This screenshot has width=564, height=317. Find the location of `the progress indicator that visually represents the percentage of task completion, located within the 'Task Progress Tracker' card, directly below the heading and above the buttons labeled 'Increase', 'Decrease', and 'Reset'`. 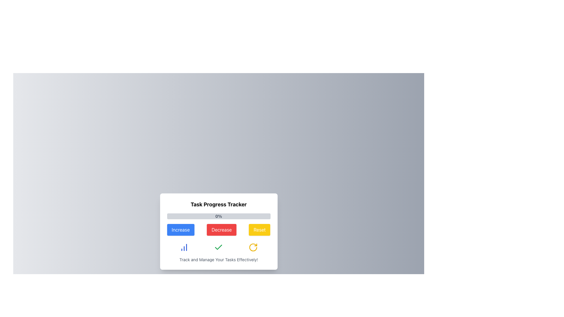

the progress indicator that visually represents the percentage of task completion, located within the 'Task Progress Tracker' card, directly below the heading and above the buttons labeled 'Increase', 'Decrease', and 'Reset' is located at coordinates (218, 216).